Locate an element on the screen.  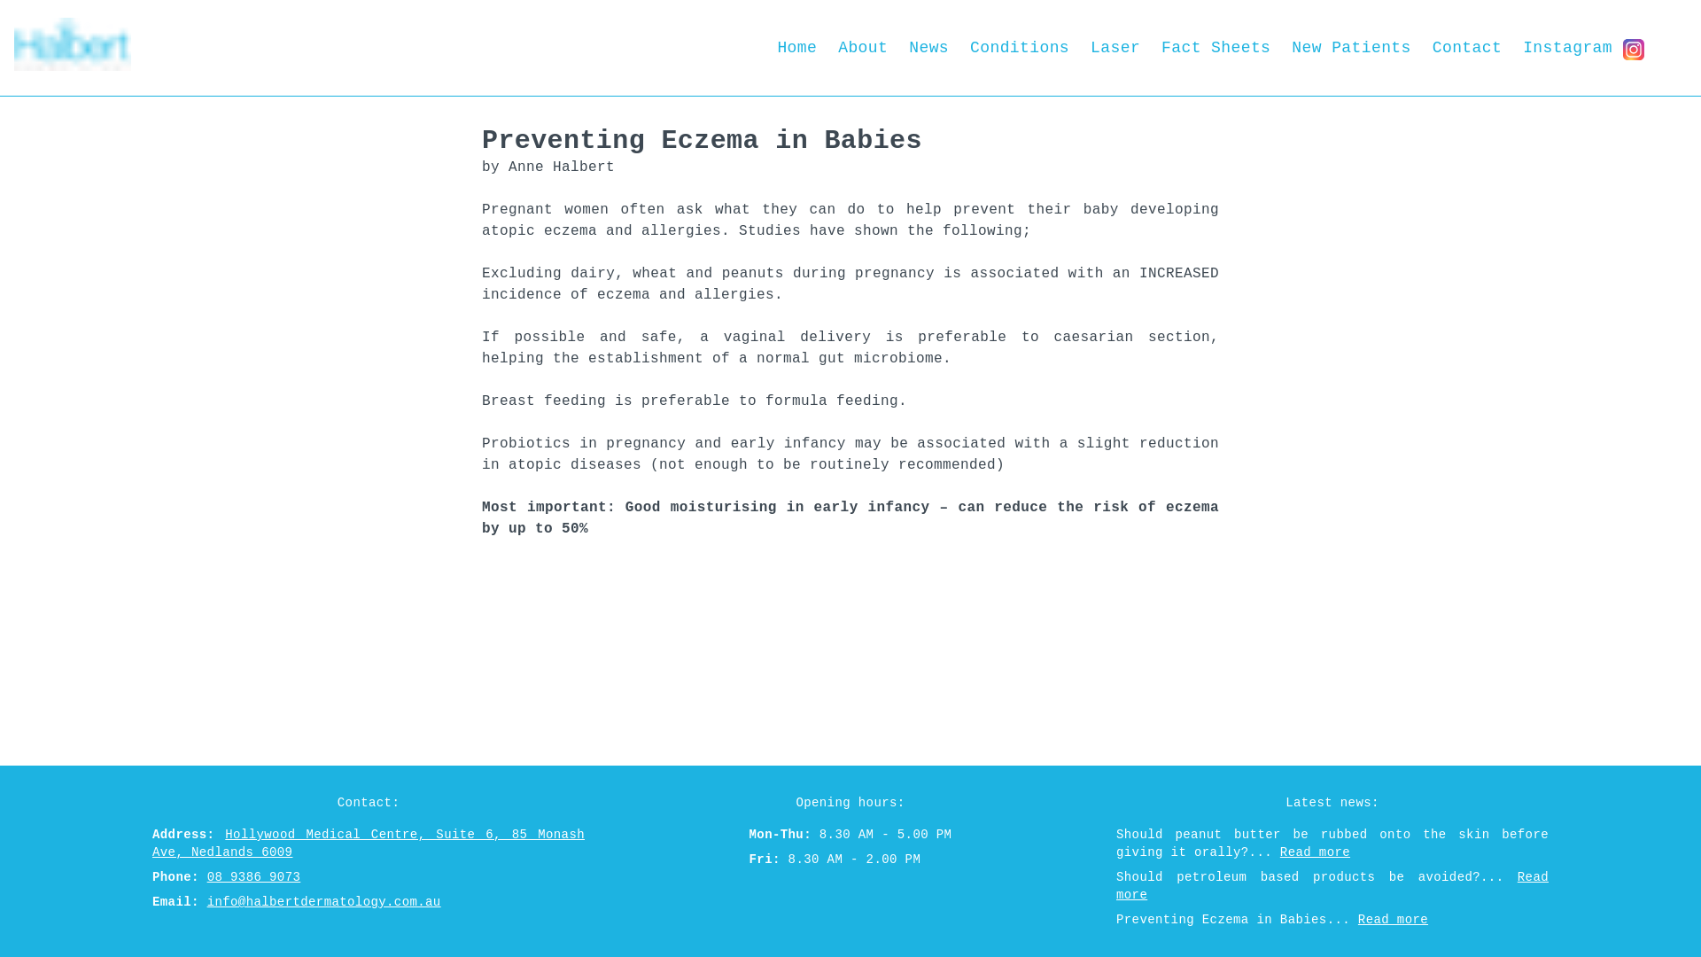
'08 9386 9073' is located at coordinates (253, 877).